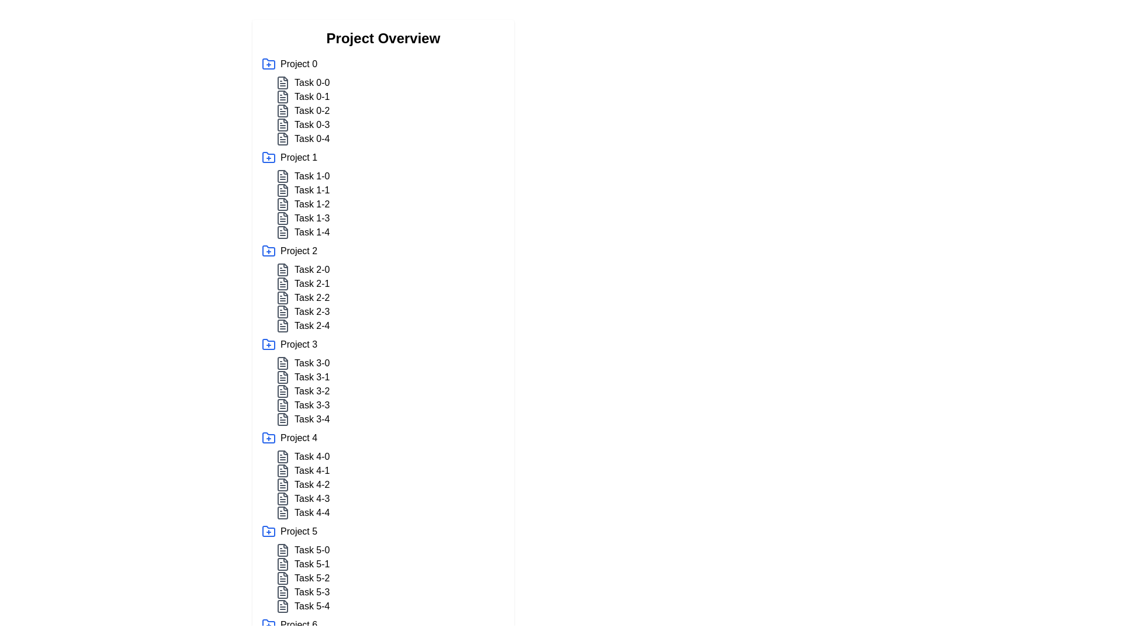  Describe the element at coordinates (283, 377) in the screenshot. I see `the icon corresponding to 'Task 3-1', located in the middle panel under 'Project 3', for visual identification` at that location.